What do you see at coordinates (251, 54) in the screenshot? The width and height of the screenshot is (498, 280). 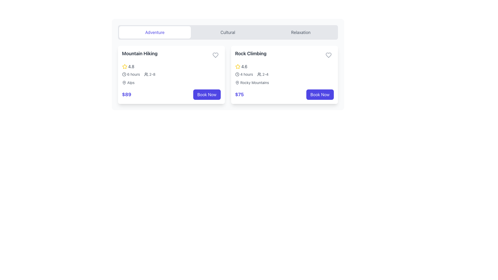 I see `the 'Rock Climbing' text label located in the upper section of the second card in a horizontally aligned list of cards` at bounding box center [251, 54].